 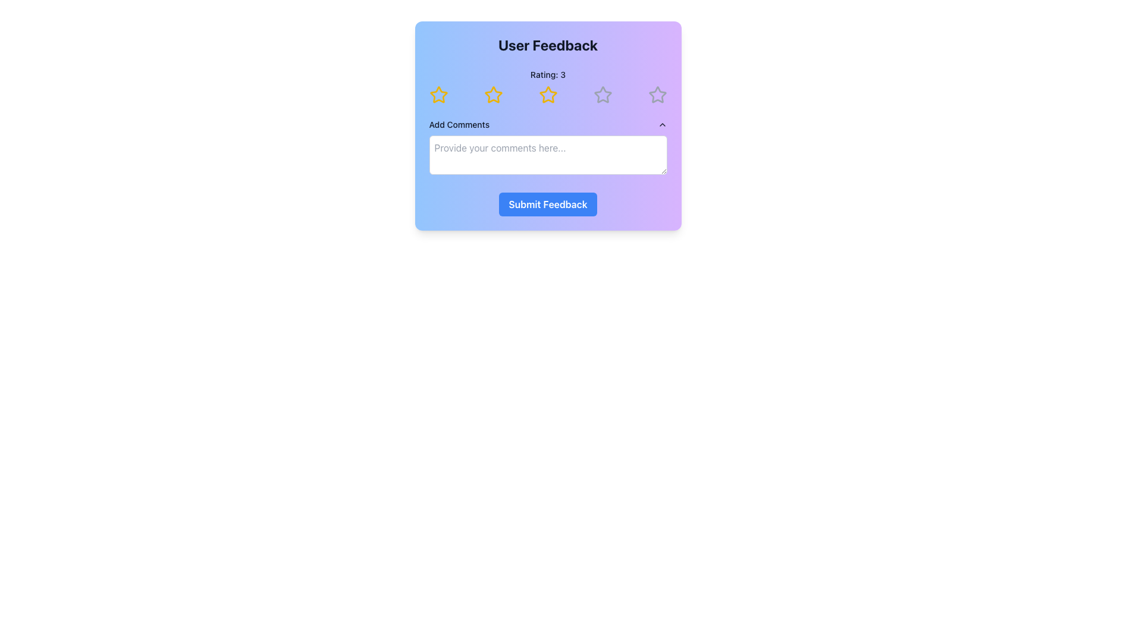 I want to click on the label indicating the current rating value, which is centrally positioned at the top of the feedback section above the star-shaped rating icons, so click(x=547, y=75).